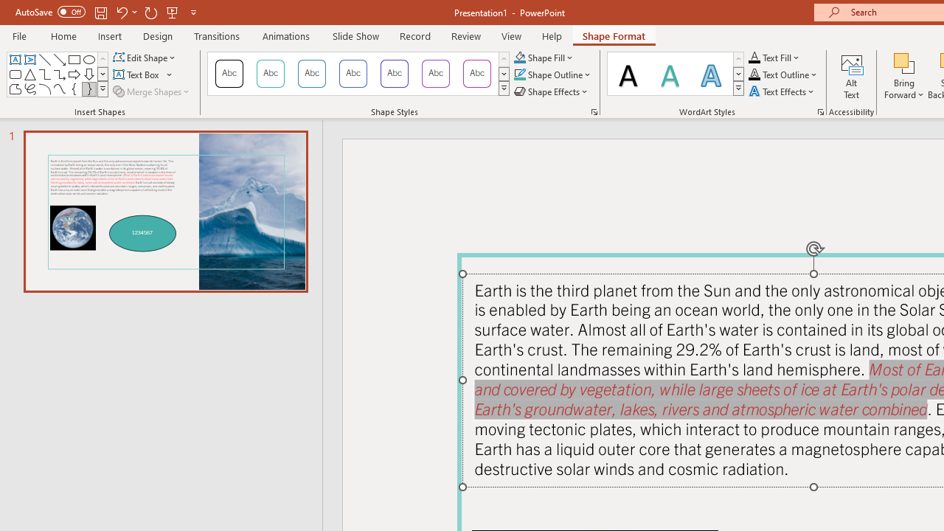 The image size is (944, 531). What do you see at coordinates (217, 35) in the screenshot?
I see `'Transitions'` at bounding box center [217, 35].